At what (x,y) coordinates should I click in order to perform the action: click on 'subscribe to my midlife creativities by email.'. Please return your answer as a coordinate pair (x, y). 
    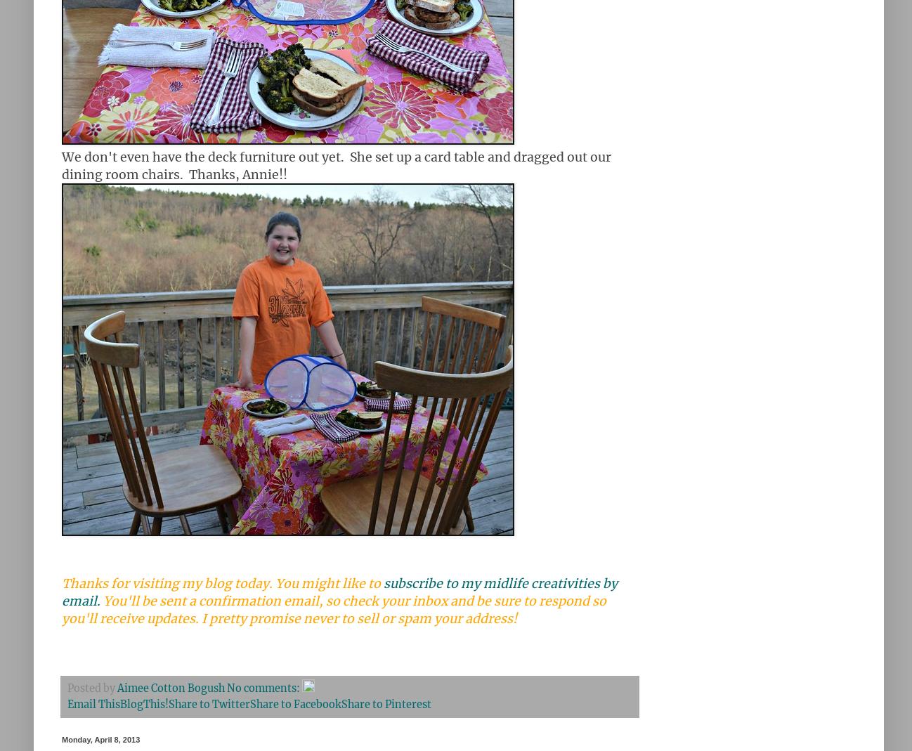
    Looking at the image, I should click on (62, 592).